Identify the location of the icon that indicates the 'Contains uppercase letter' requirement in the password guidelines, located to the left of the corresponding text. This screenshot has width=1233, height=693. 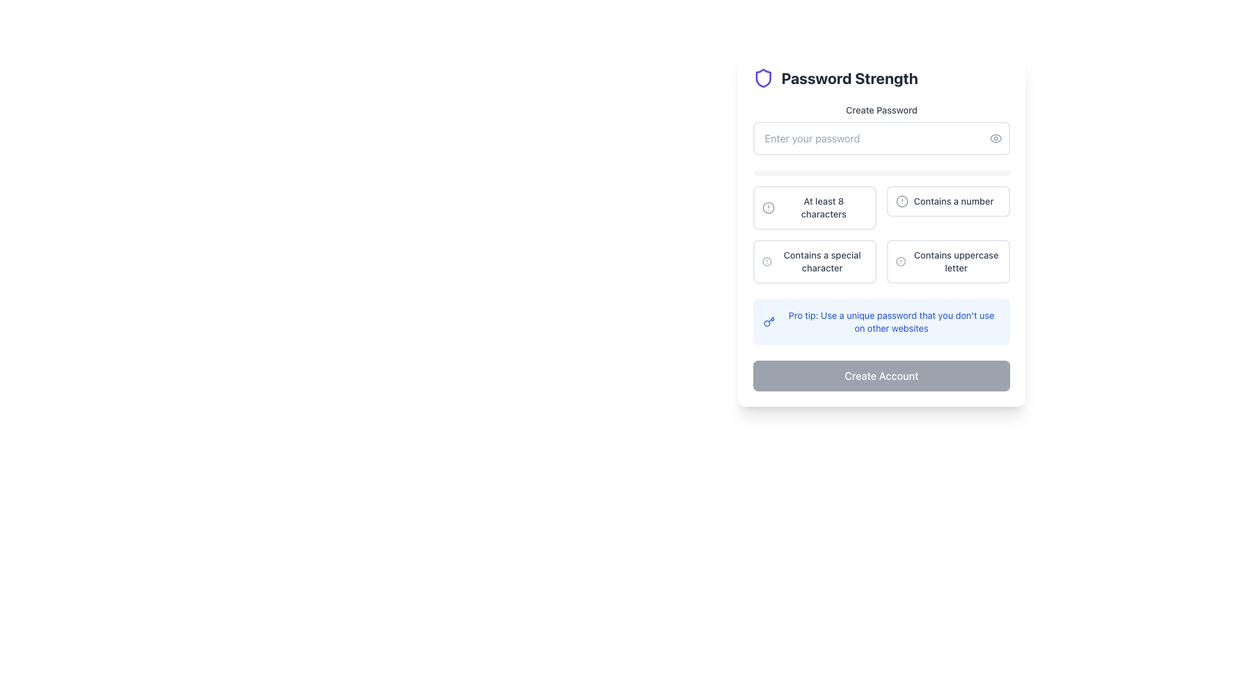
(900, 261).